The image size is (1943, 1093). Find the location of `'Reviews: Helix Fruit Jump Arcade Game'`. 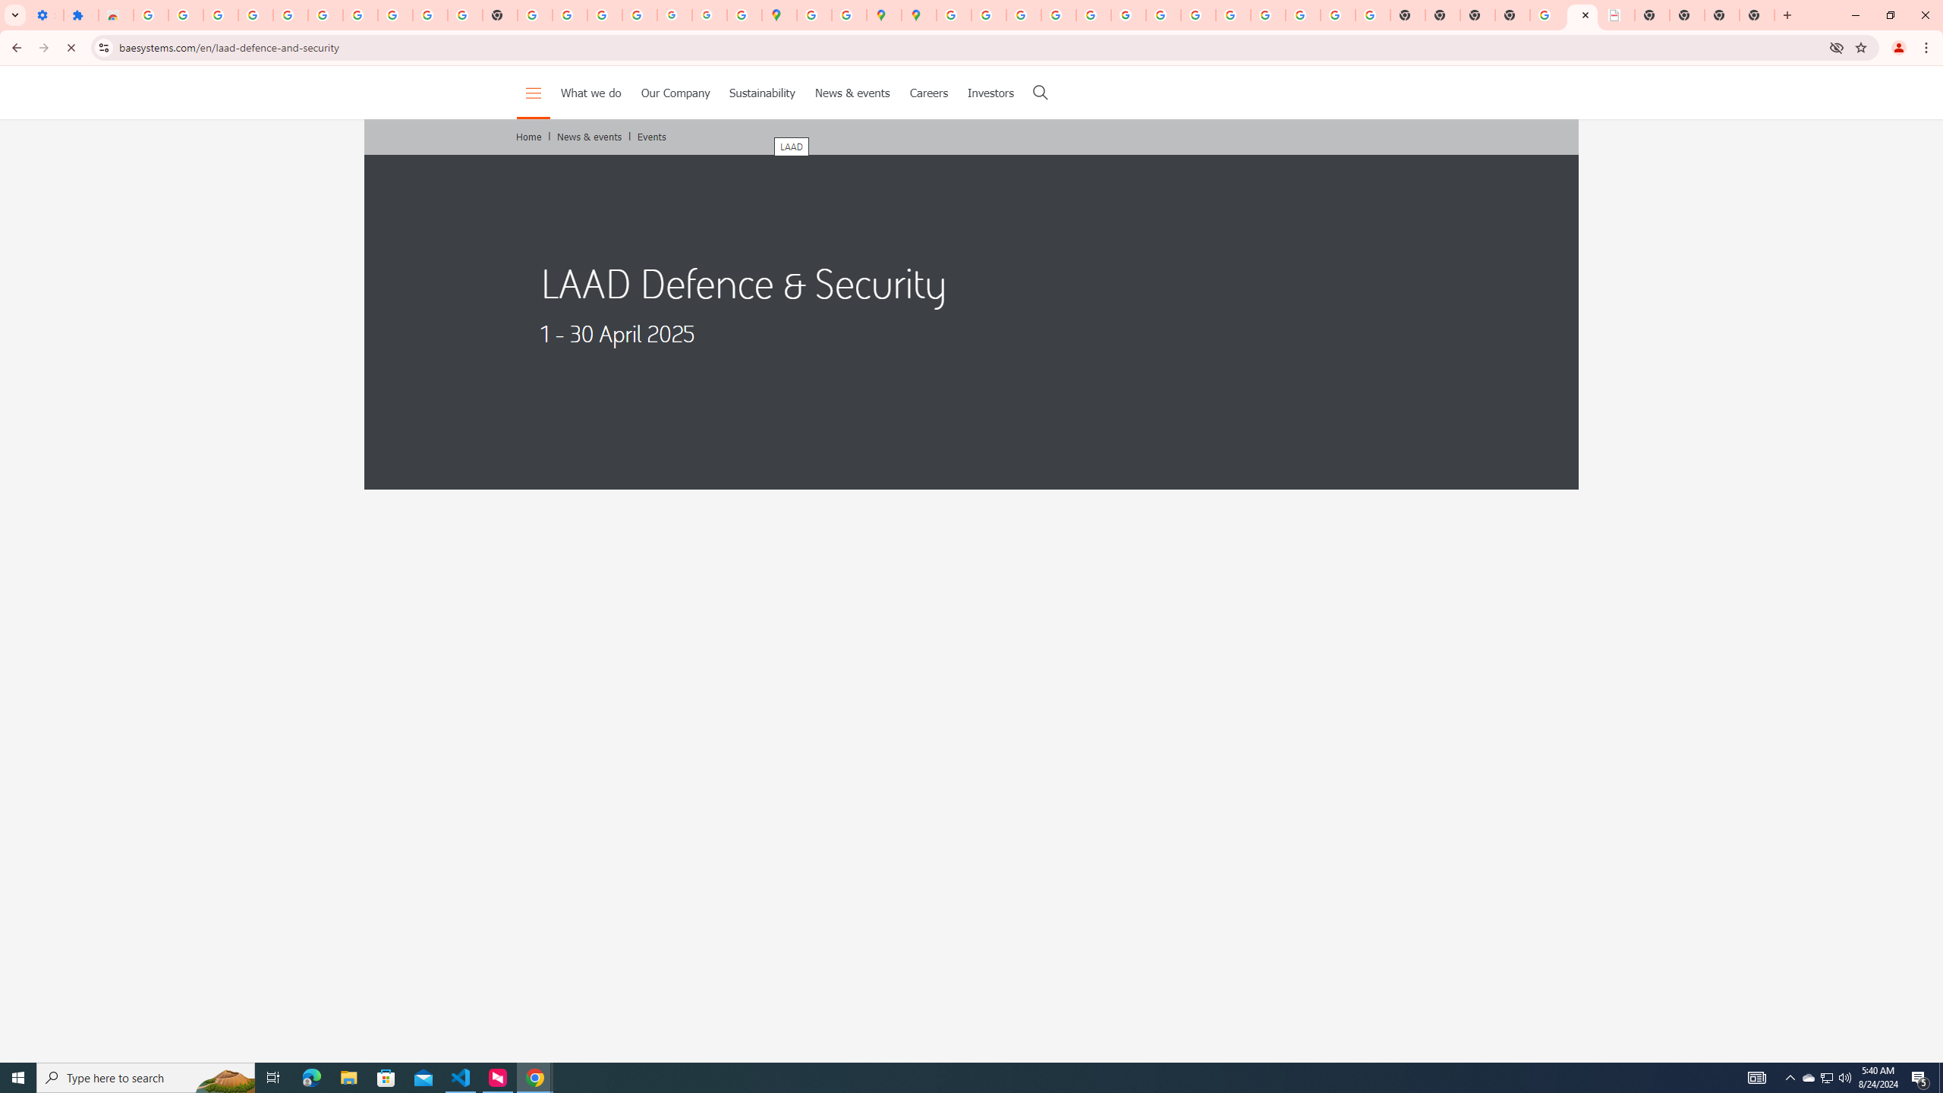

'Reviews: Helix Fruit Jump Arcade Game' is located at coordinates (115, 14).